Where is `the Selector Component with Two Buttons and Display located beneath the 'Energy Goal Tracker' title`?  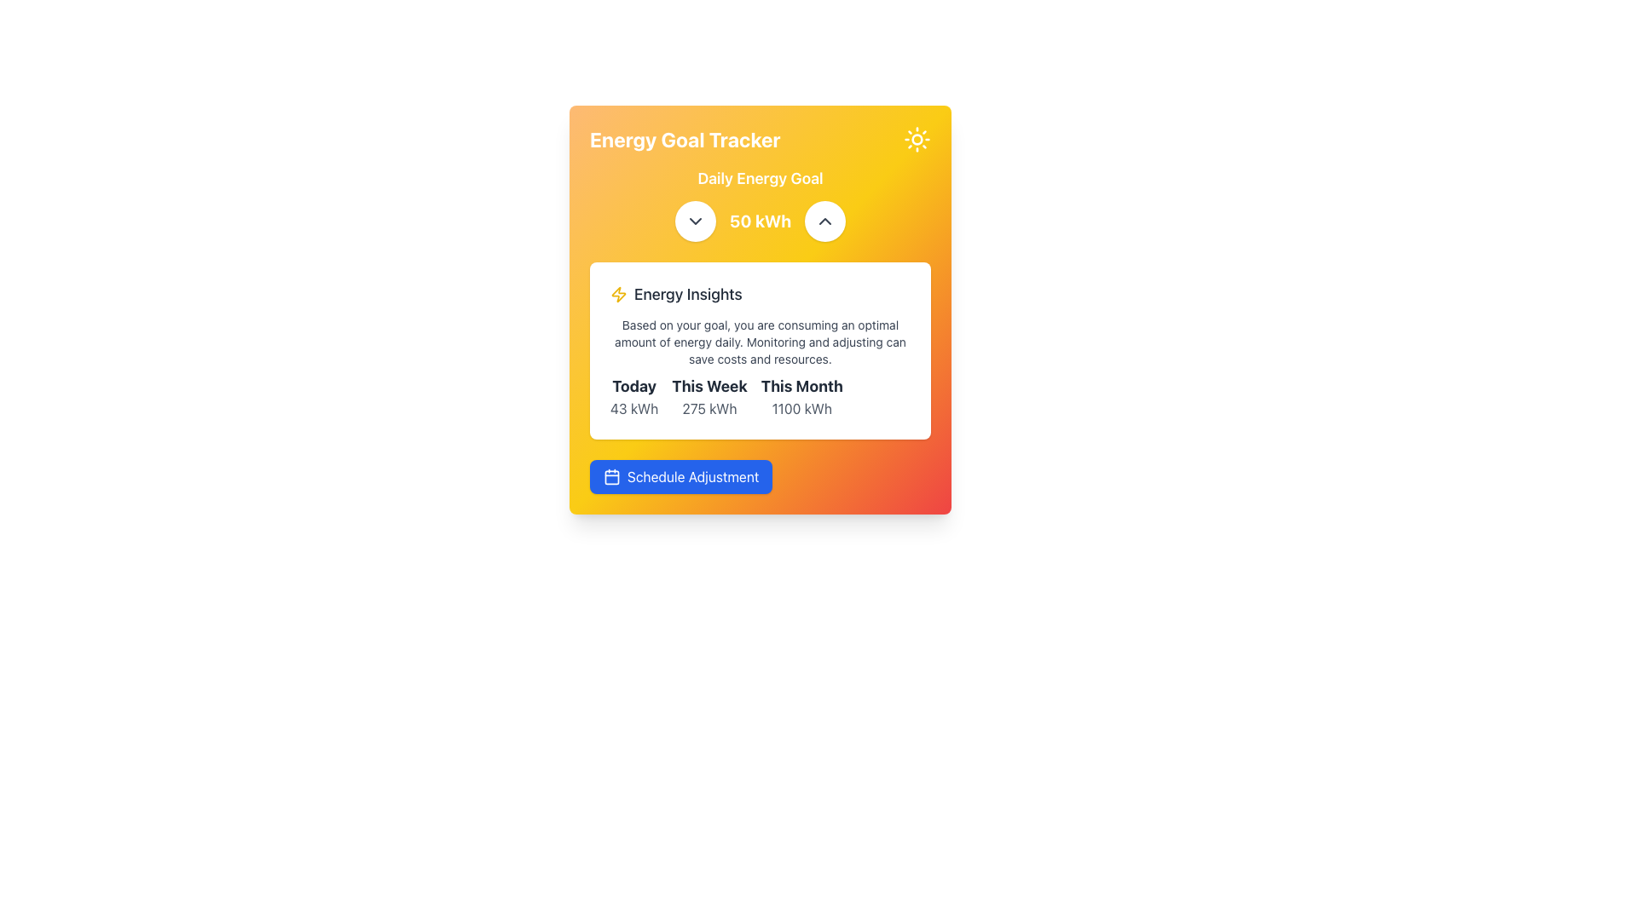
the Selector Component with Two Buttons and Display located beneath the 'Energy Goal Tracker' title is located at coordinates (760, 203).